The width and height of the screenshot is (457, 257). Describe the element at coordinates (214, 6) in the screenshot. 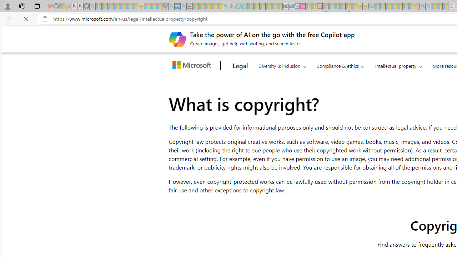

I see `'Pets - MSN - Sleeping'` at that location.